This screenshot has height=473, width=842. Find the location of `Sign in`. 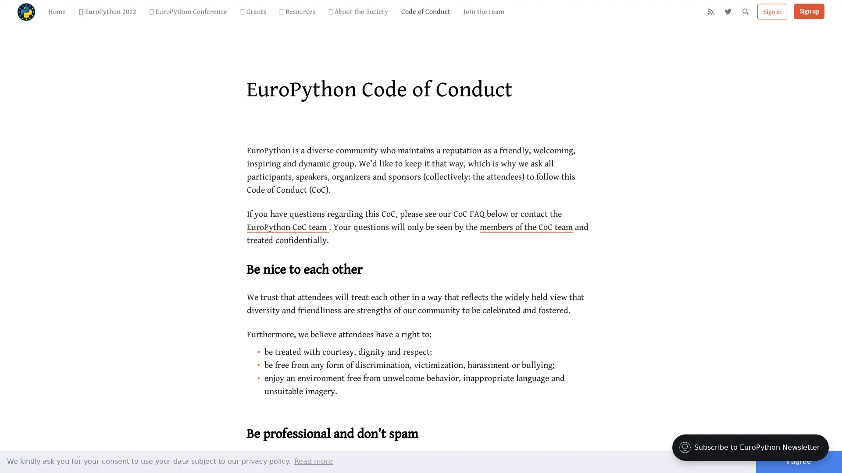

Sign in is located at coordinates (772, 17).